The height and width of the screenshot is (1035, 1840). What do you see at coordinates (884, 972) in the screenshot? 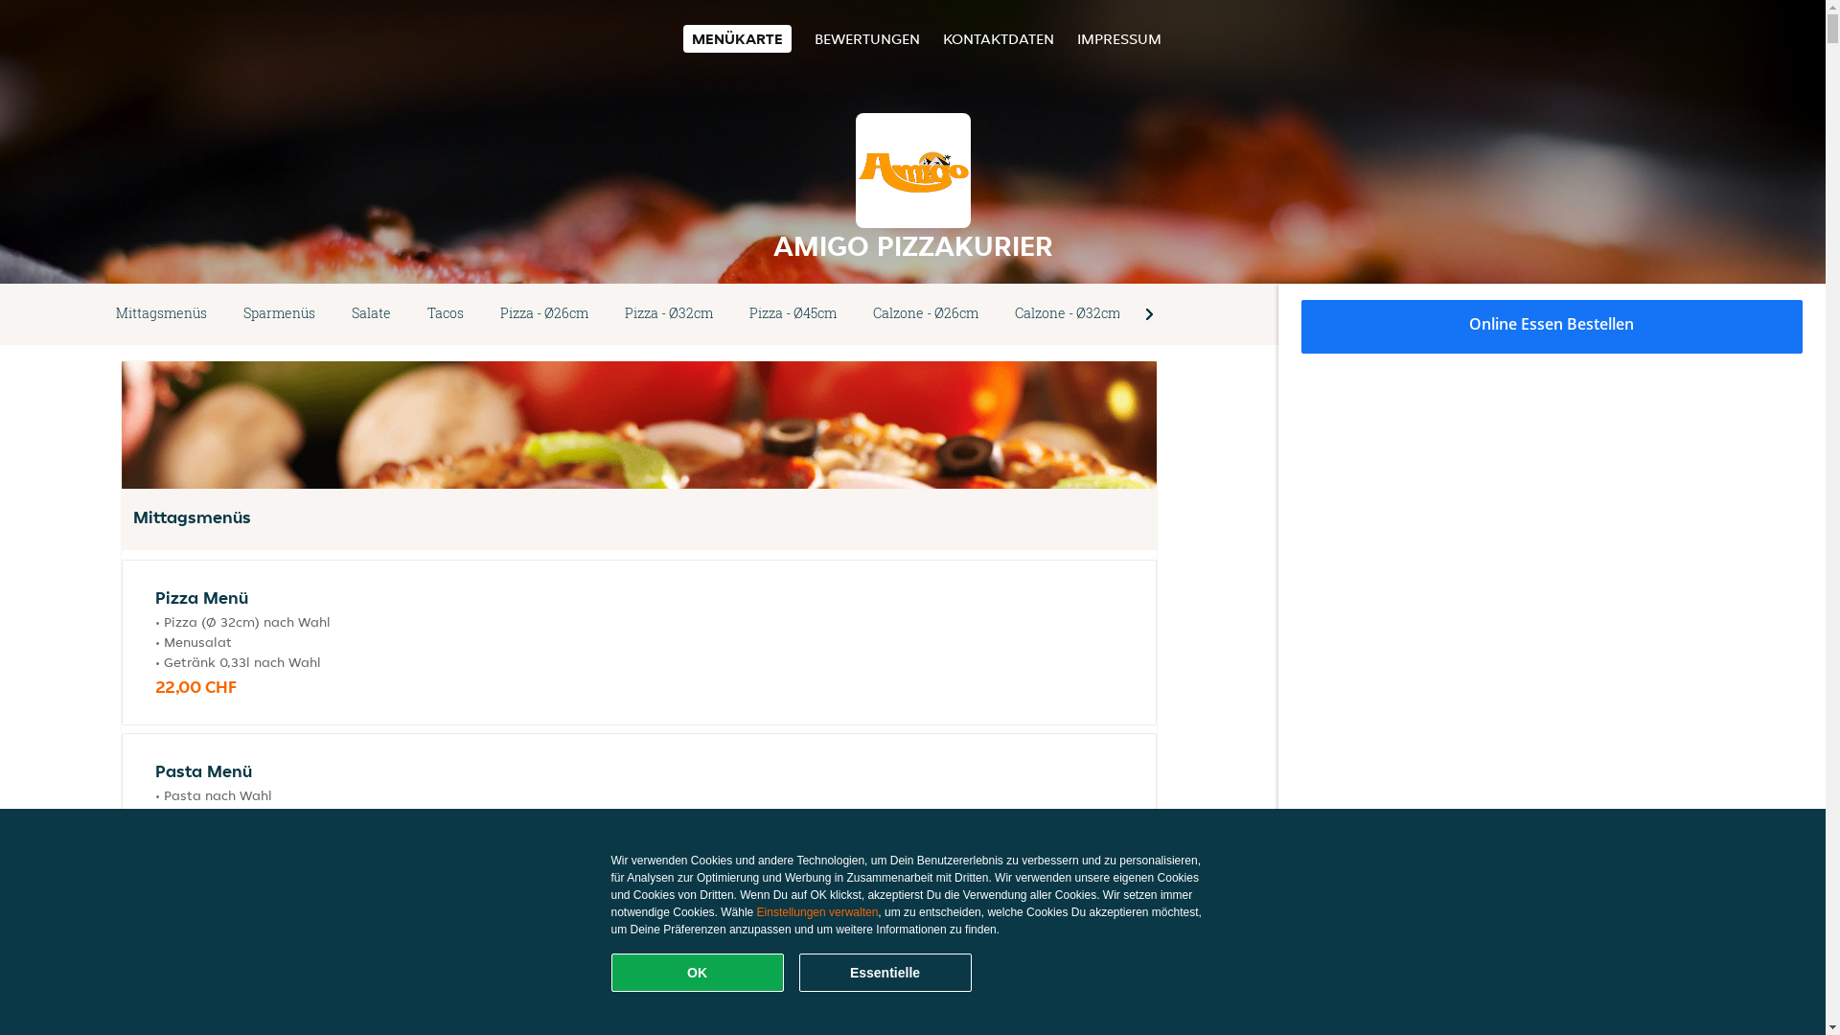
I see `'Essentielle'` at bounding box center [884, 972].